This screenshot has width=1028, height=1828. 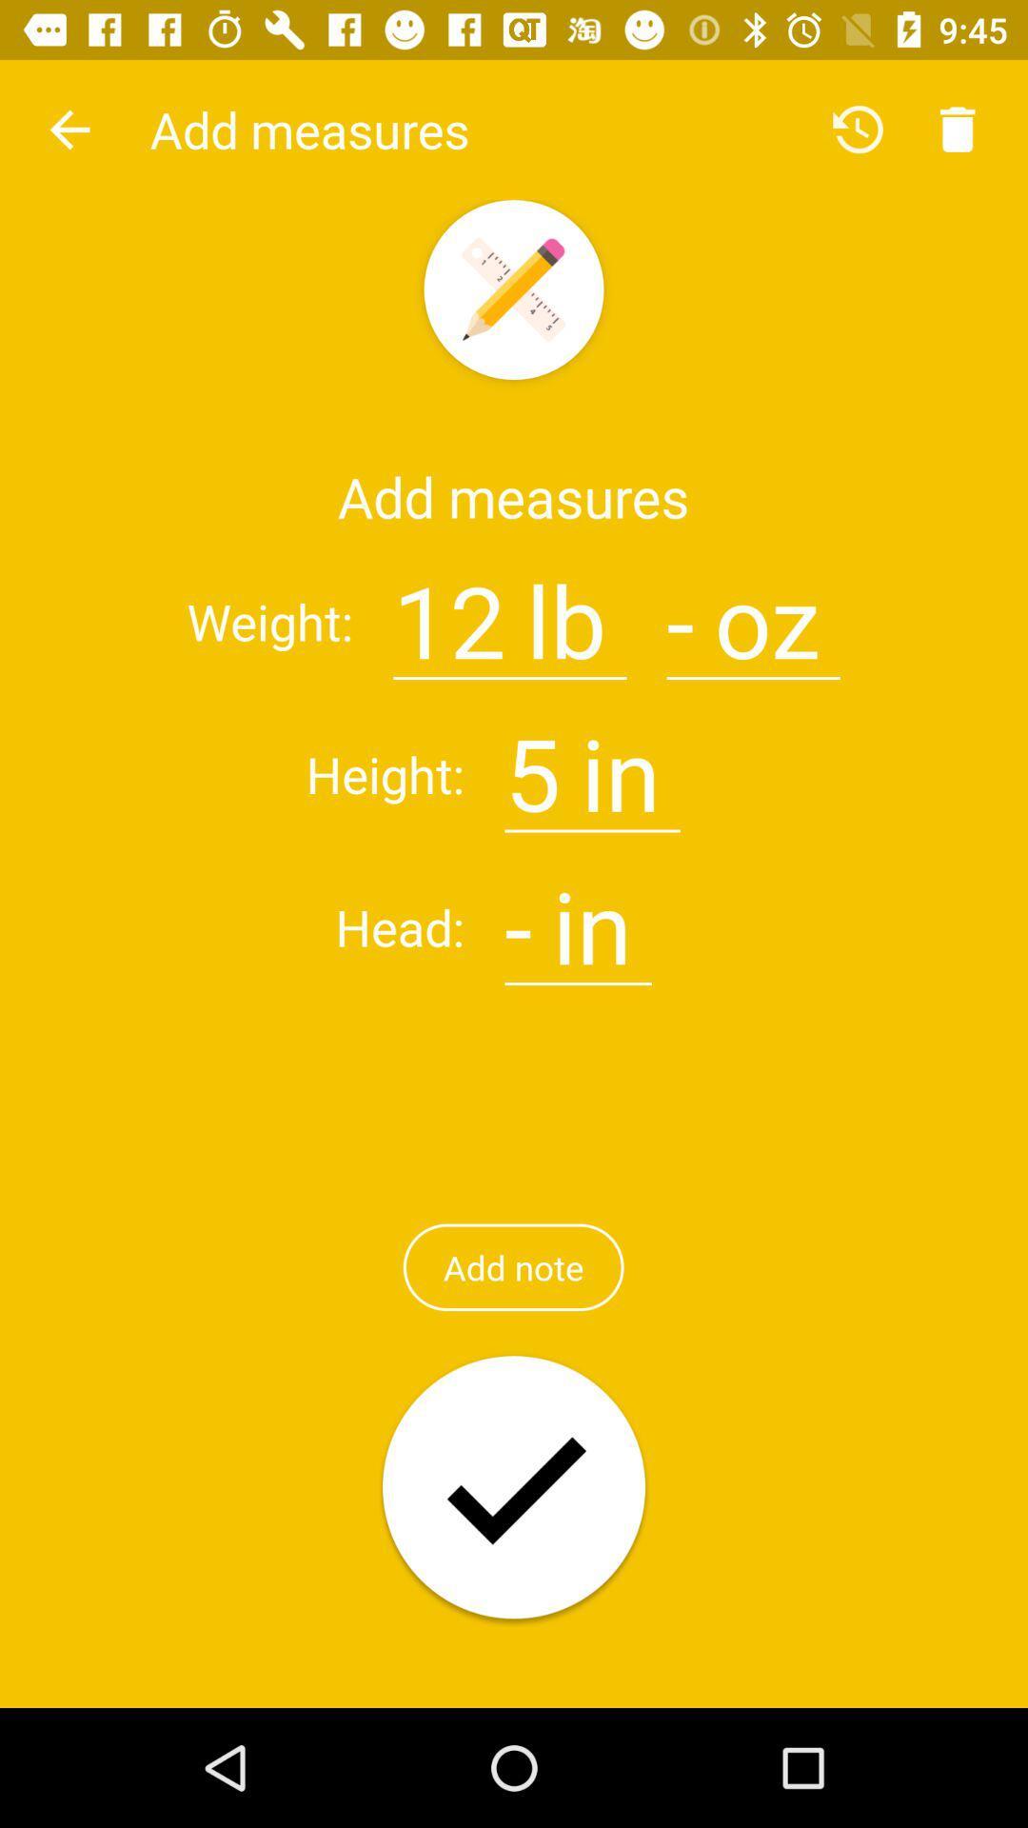 I want to click on icon above the height, so click(x=69, y=129).